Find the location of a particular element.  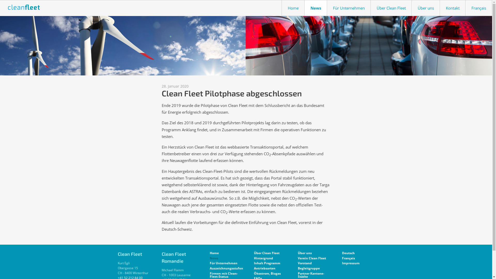

'Kontakt' is located at coordinates (452, 8).